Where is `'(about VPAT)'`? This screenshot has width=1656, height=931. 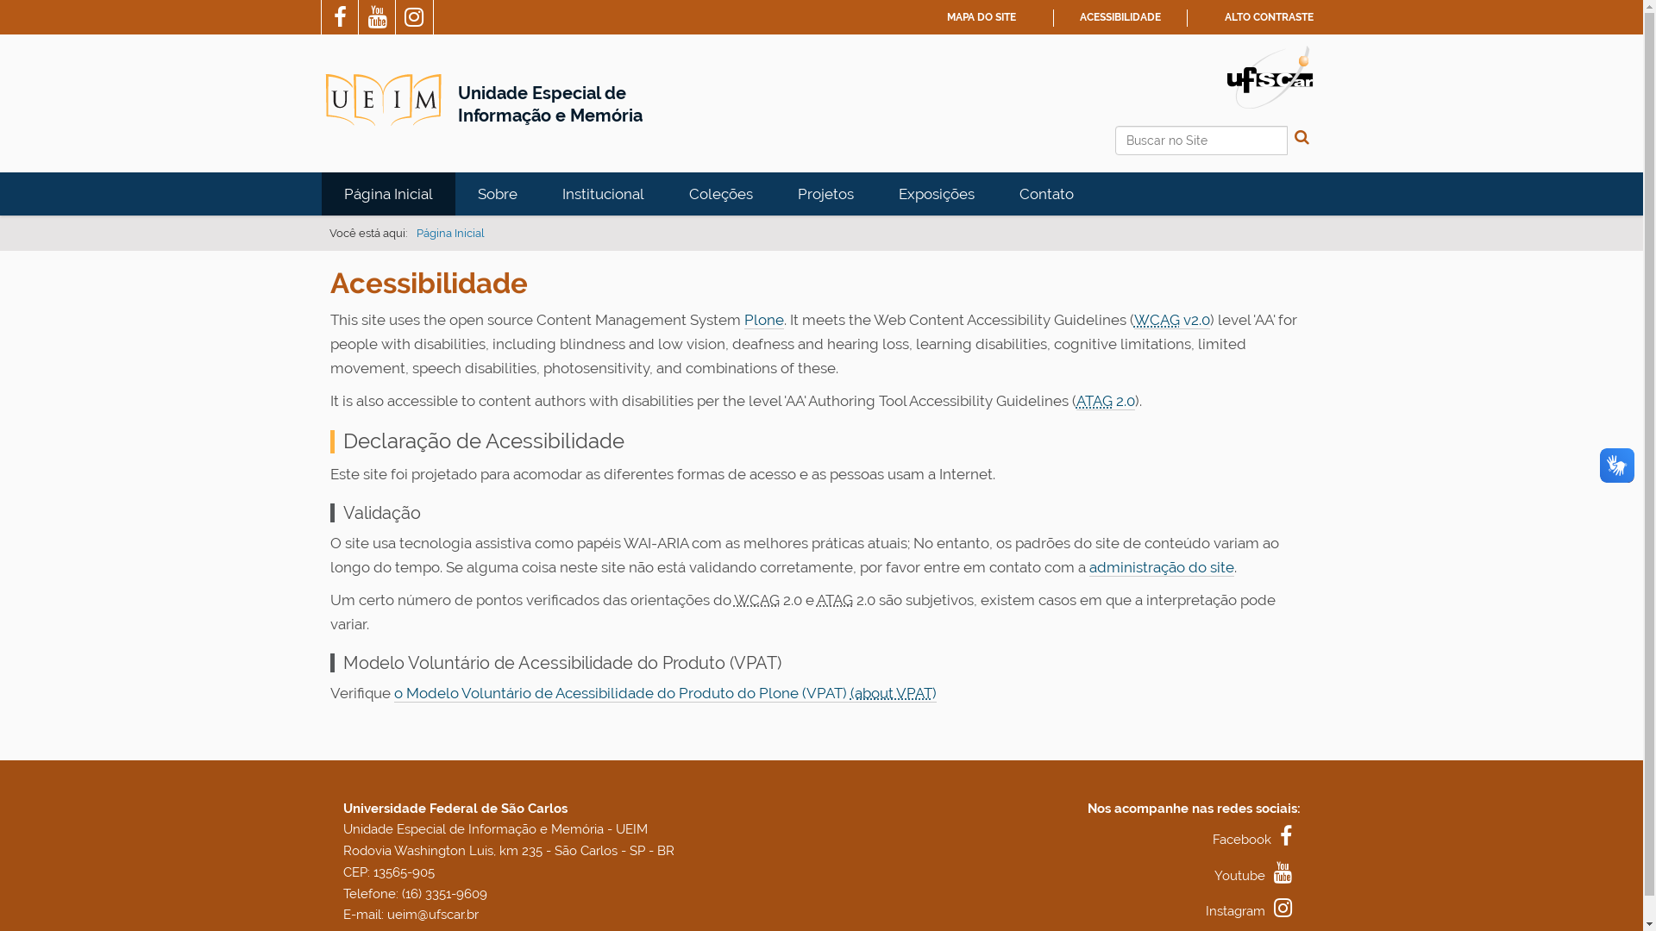 '(about VPAT)' is located at coordinates (894, 692).